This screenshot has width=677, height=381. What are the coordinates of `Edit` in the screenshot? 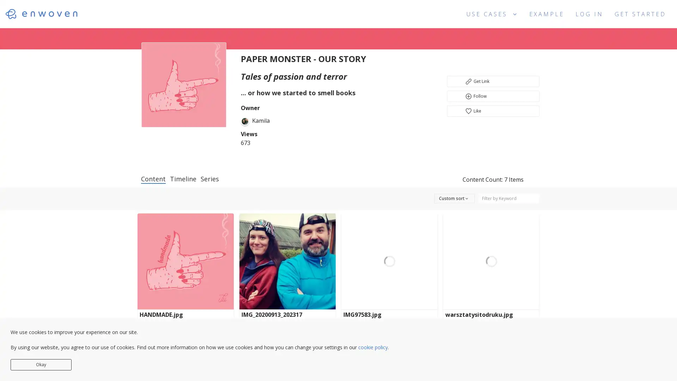 It's located at (389, 335).